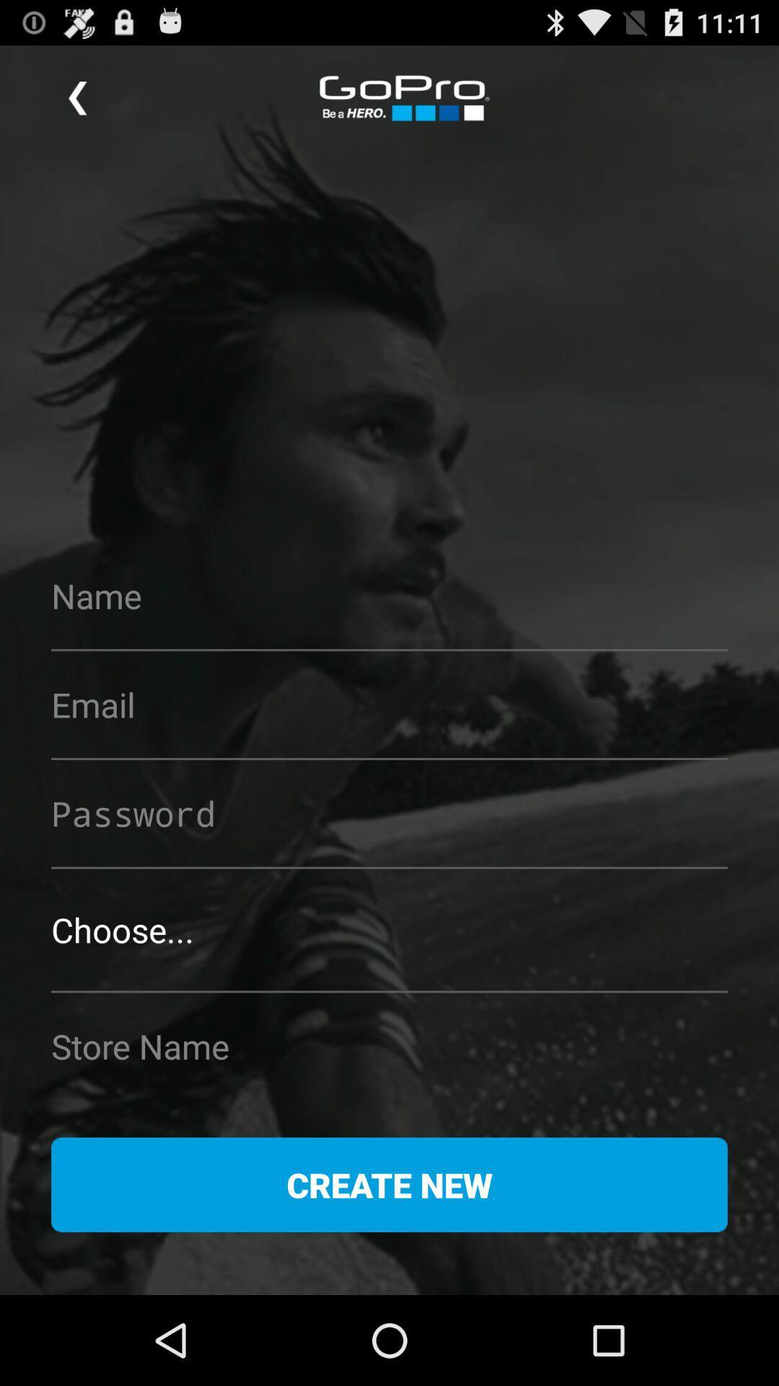  I want to click on type name, so click(389, 596).